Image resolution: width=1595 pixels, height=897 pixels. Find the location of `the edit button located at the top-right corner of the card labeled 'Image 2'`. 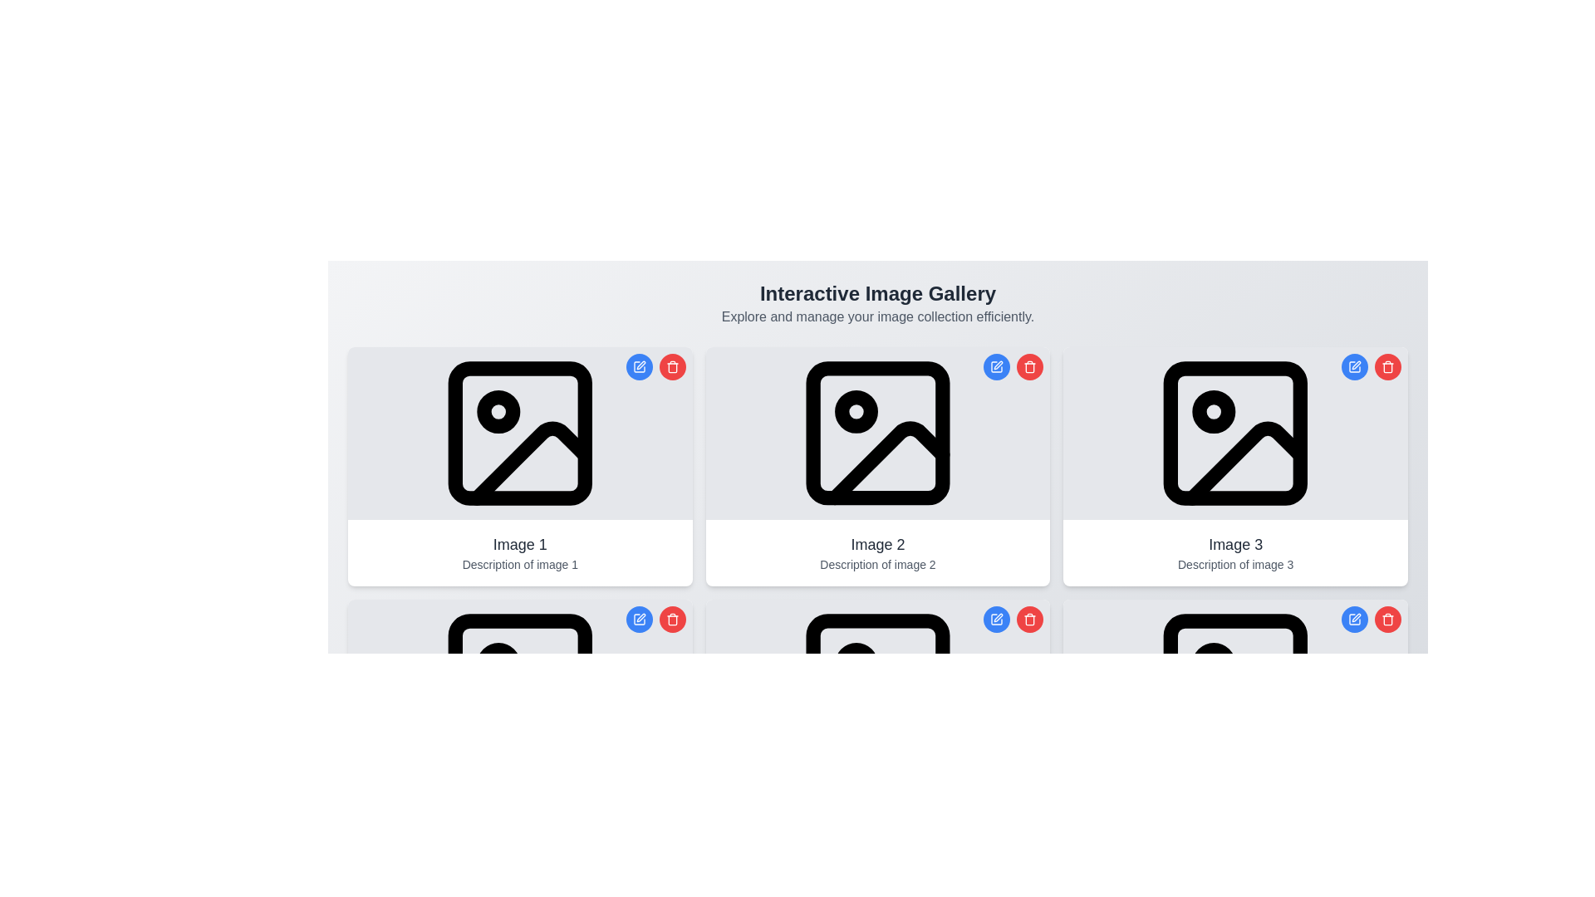

the edit button located at the top-right corner of the card labeled 'Image 2' is located at coordinates (997, 619).